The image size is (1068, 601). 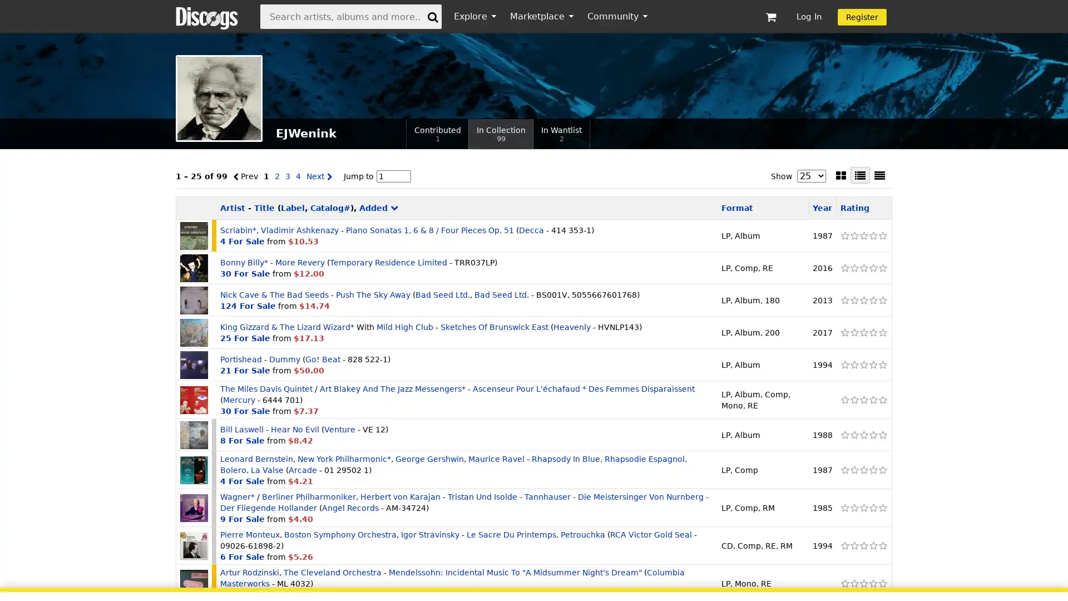 What do you see at coordinates (863, 470) in the screenshot?
I see `Rate this release 3 stars.` at bounding box center [863, 470].